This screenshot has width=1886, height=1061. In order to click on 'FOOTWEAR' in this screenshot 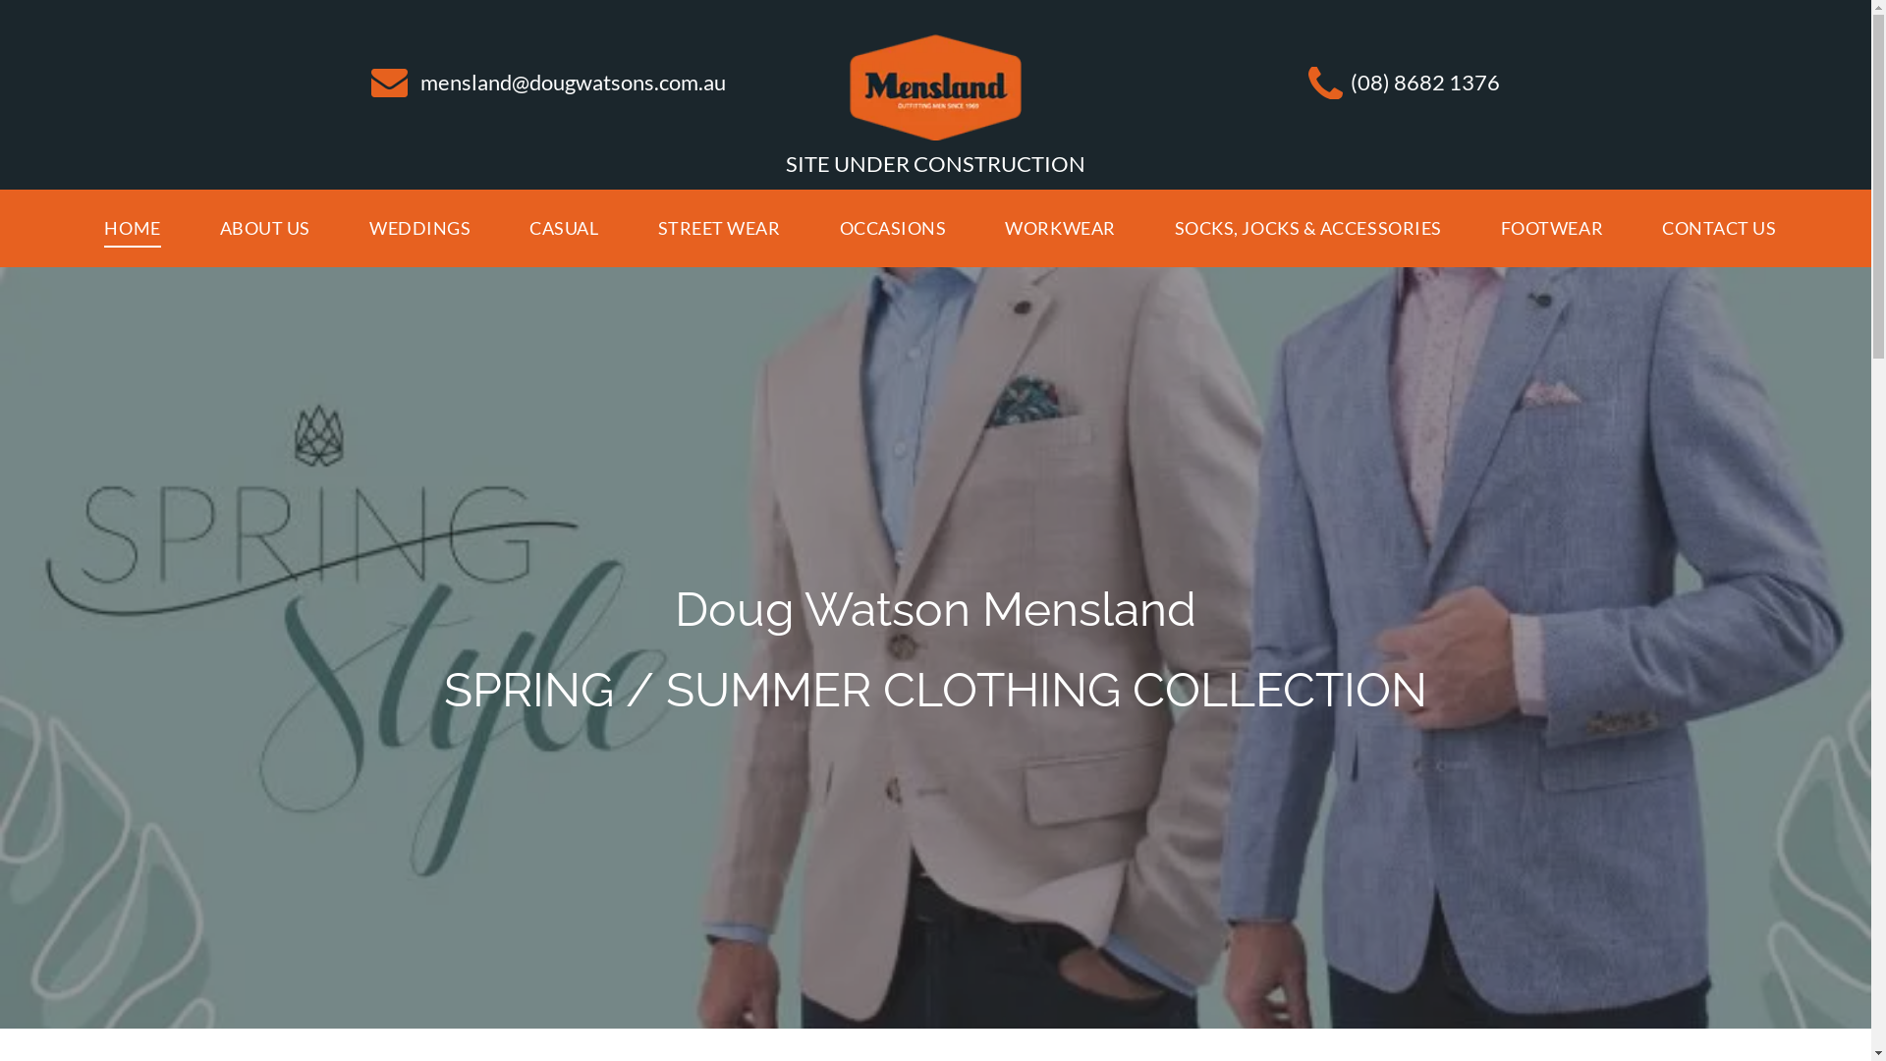, I will do `click(1550, 227)`.